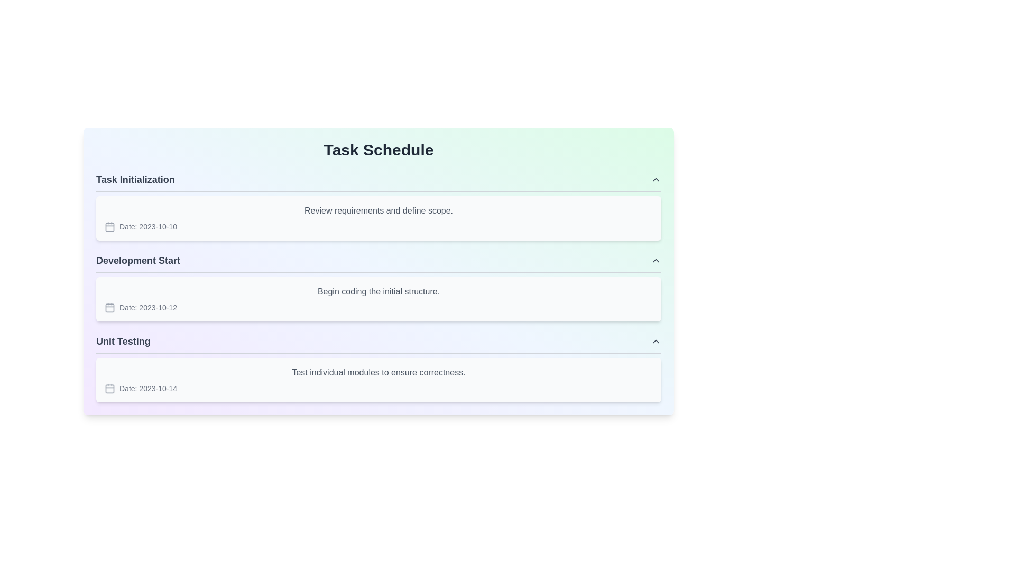  I want to click on the calendar-shaped icon with a gray outline, located next to the text 'Date: 2023-10-12', so click(109, 308).